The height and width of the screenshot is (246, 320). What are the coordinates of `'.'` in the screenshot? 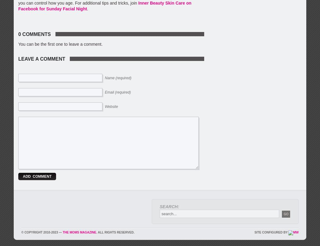 It's located at (87, 9).